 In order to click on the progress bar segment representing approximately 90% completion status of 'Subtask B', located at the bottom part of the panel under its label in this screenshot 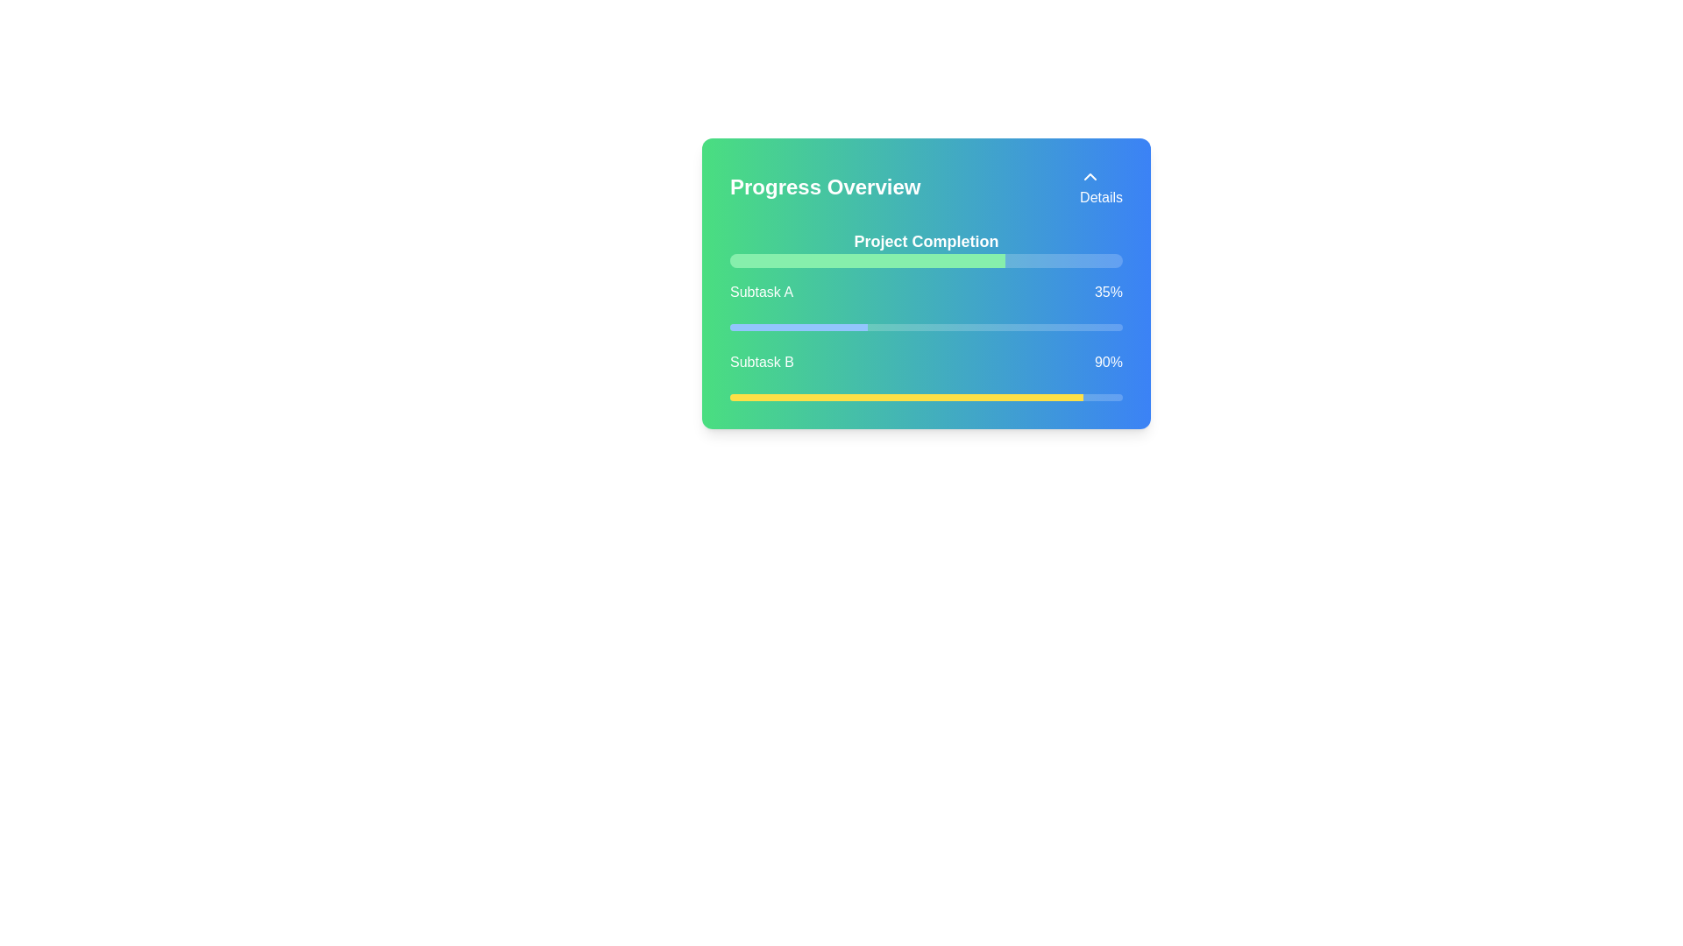, I will do `click(906, 398)`.